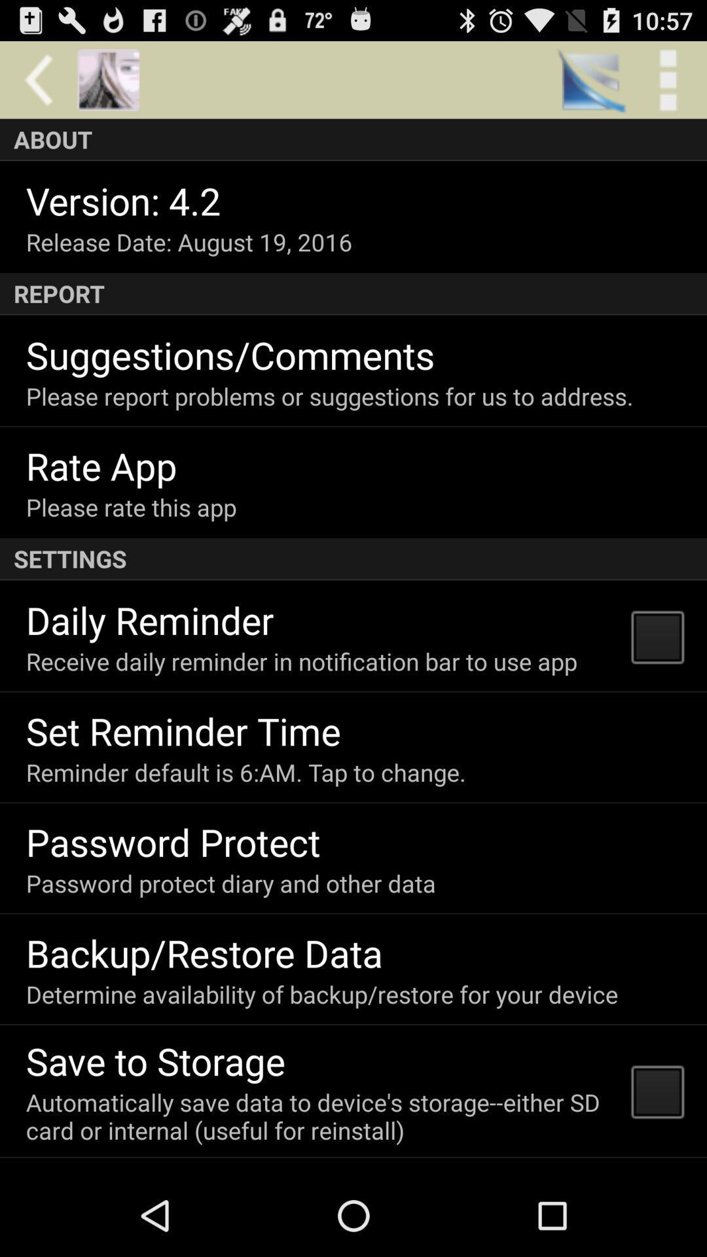  I want to click on the item above the password protect item, so click(245, 772).